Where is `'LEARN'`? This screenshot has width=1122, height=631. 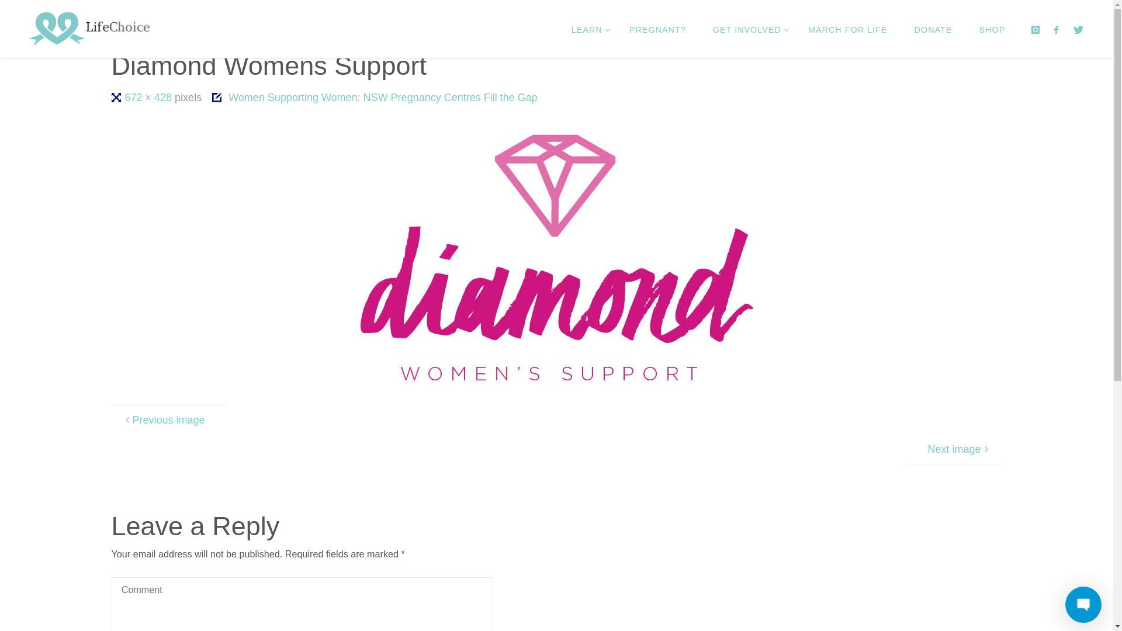
'LEARN' is located at coordinates (557, 29).